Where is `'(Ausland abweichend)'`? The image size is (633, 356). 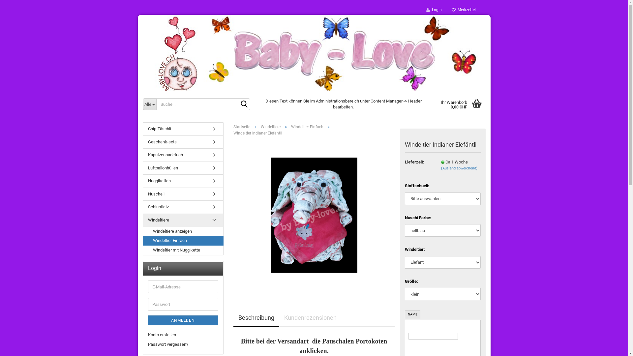 '(Ausland abweichend)' is located at coordinates (459, 168).